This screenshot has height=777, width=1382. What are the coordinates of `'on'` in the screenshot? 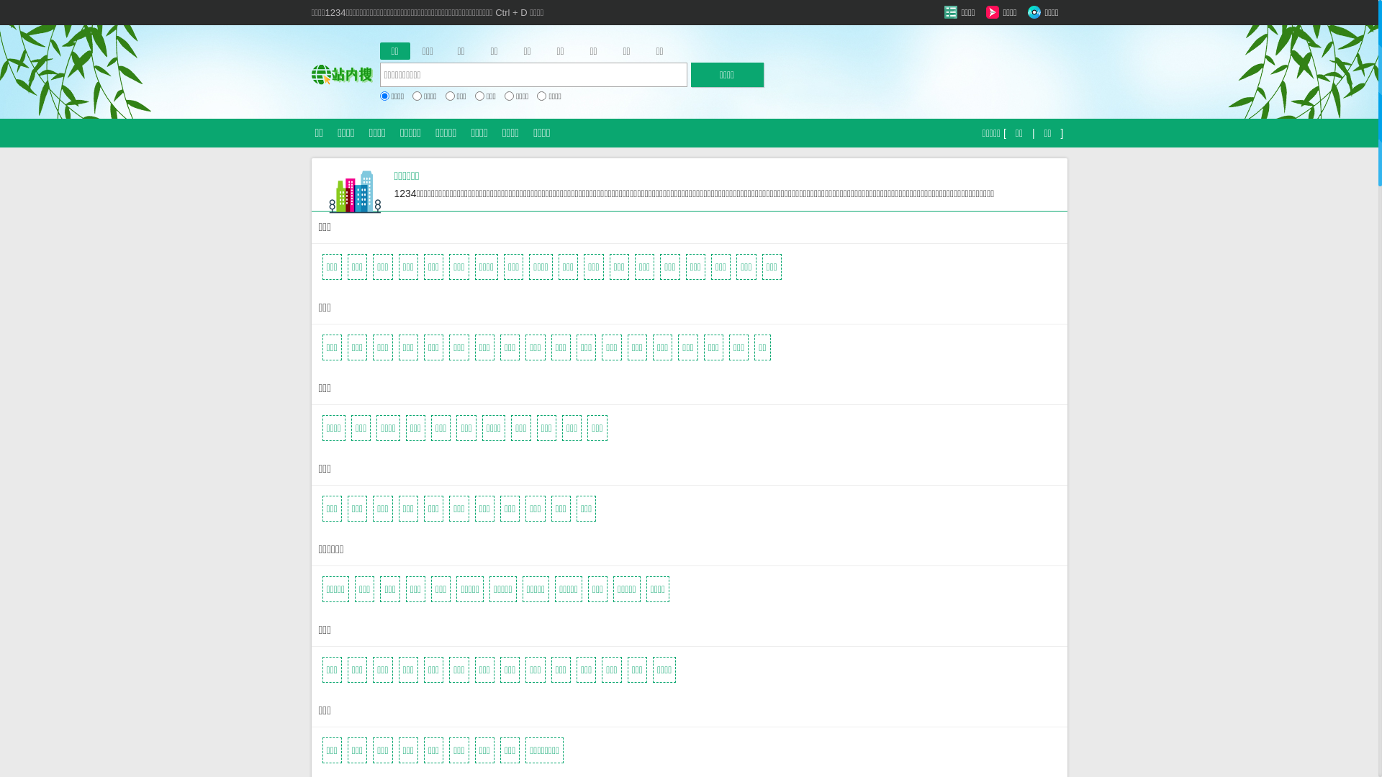 It's located at (416, 96).